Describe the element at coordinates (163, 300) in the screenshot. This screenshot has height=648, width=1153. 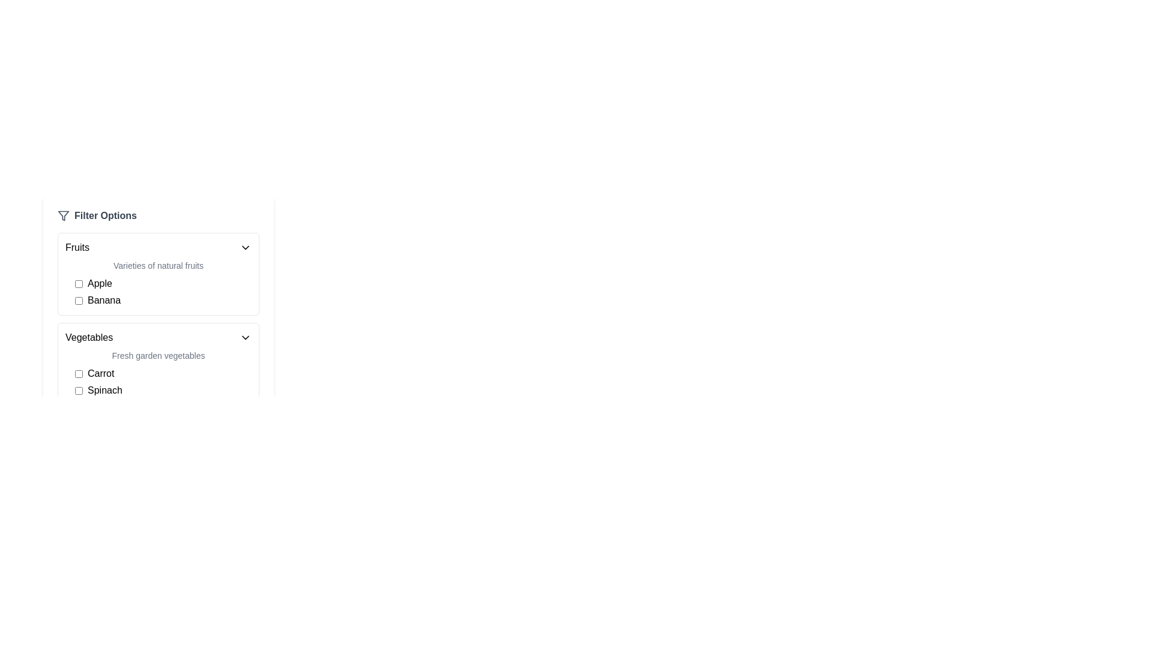
I see `the 'Banana' checkbox` at that location.